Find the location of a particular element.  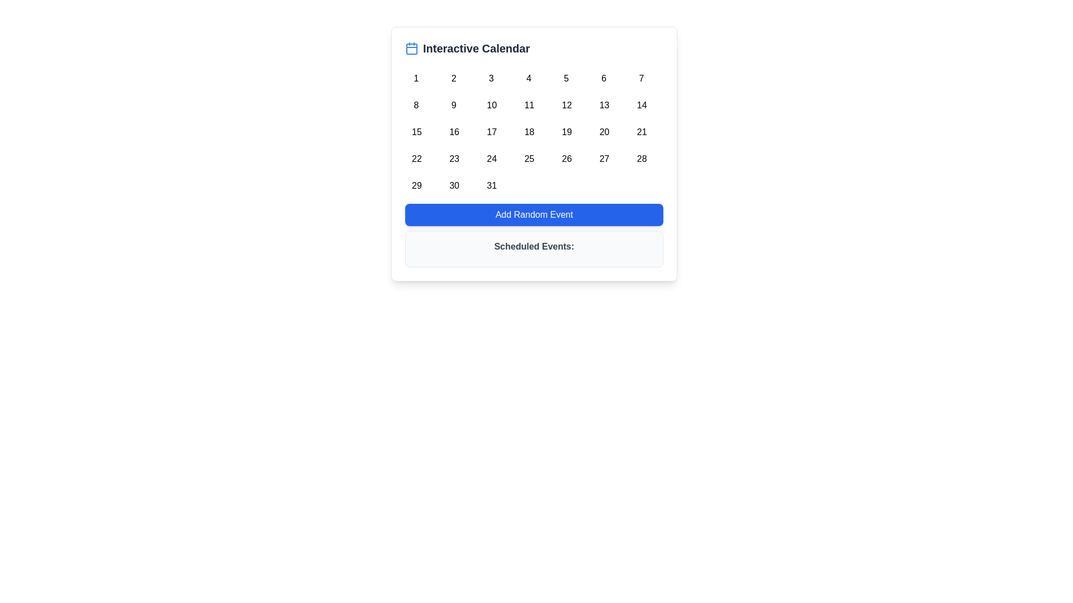

the Interactive Calendar Cell displaying the date '23' is located at coordinates (454, 157).